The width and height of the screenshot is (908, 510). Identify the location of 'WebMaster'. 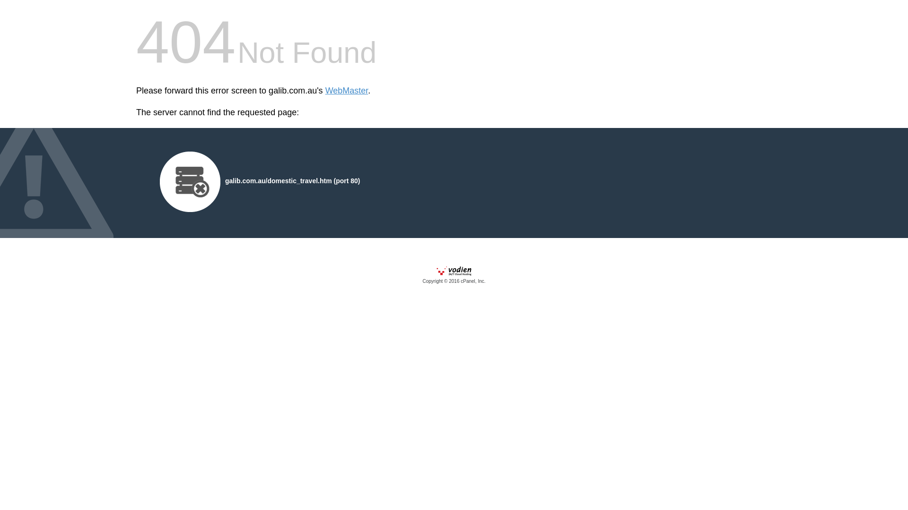
(325, 91).